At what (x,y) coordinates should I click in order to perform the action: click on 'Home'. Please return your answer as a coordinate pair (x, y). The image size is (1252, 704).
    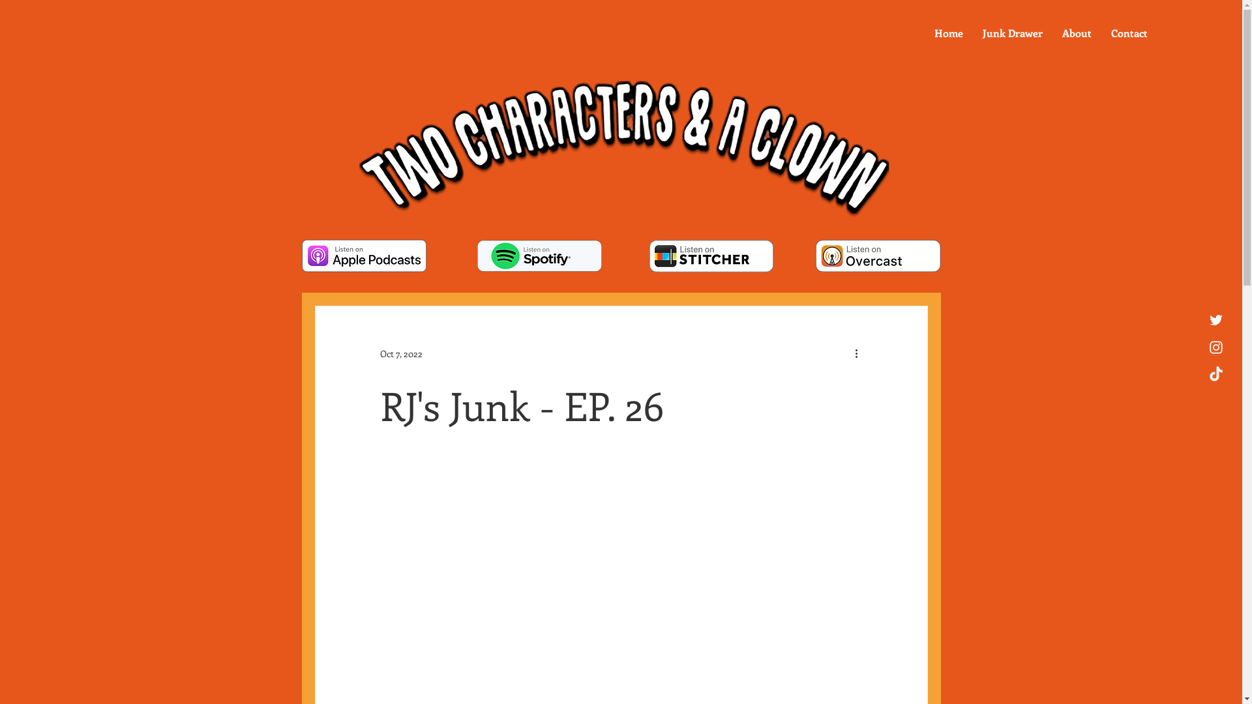
    Looking at the image, I should click on (923, 32).